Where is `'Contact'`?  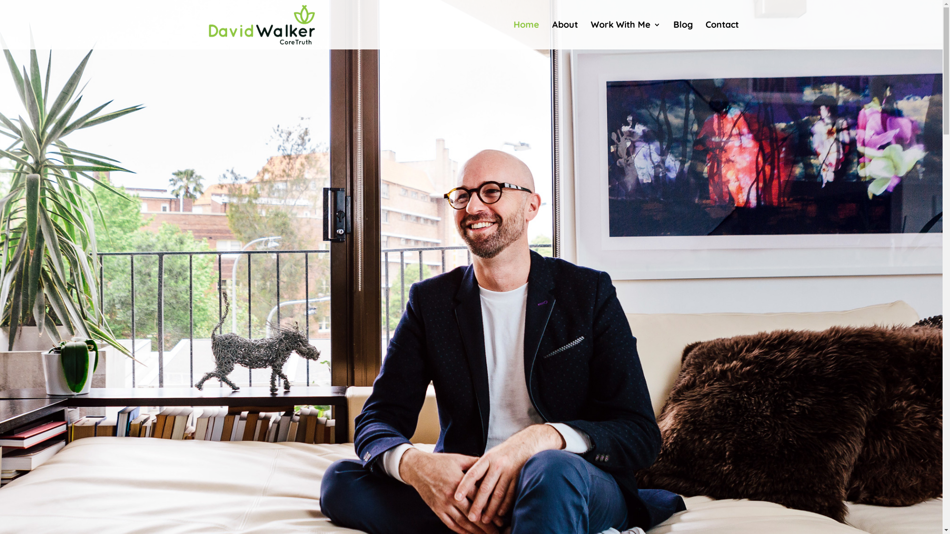 'Contact' is located at coordinates (722, 35).